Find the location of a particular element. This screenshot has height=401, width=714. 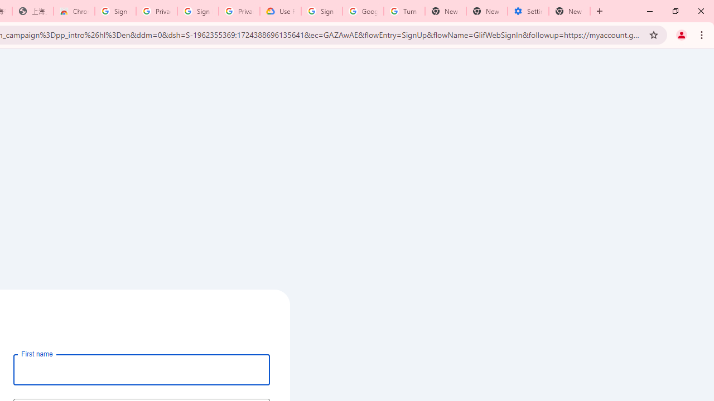

'New Tab' is located at coordinates (570, 11).